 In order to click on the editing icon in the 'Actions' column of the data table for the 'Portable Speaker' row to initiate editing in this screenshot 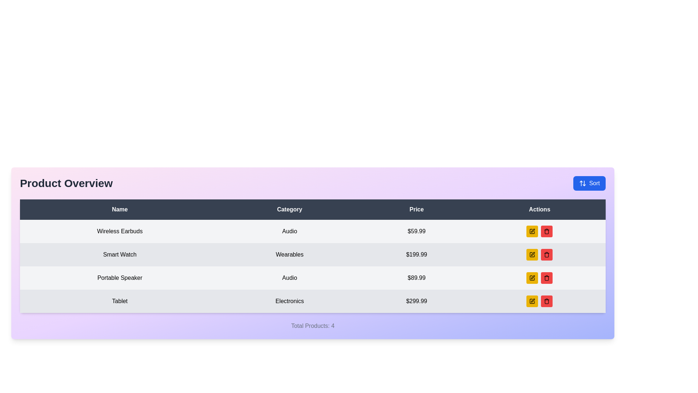, I will do `click(533, 277)`.